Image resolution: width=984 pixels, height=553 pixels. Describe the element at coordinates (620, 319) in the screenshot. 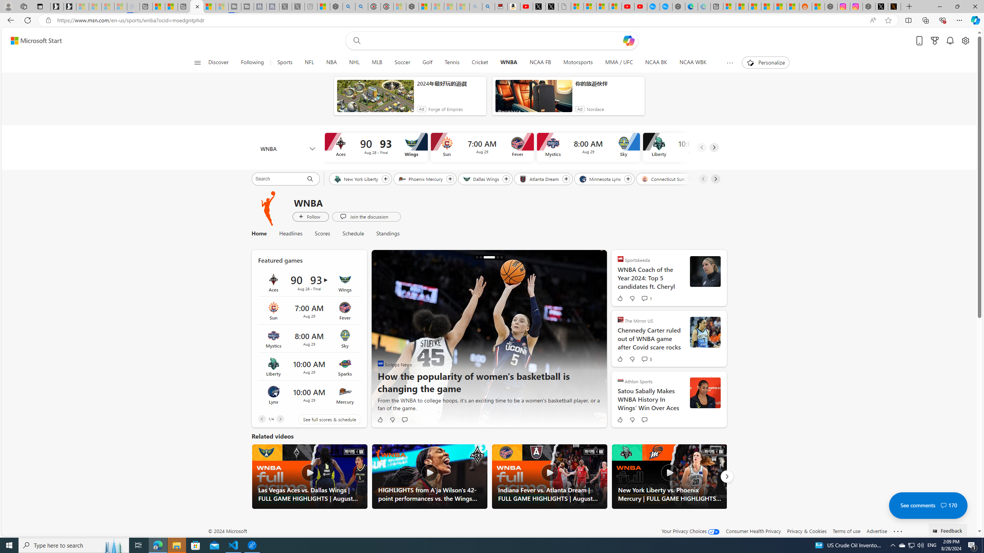

I see `'The Mirror US'` at that location.